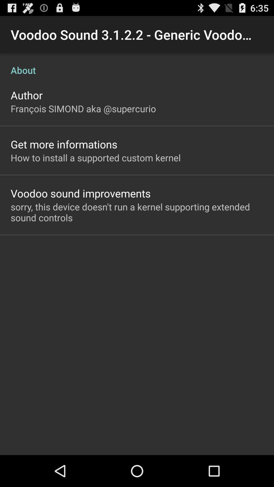  What do you see at coordinates (96, 157) in the screenshot?
I see `how to install icon` at bounding box center [96, 157].